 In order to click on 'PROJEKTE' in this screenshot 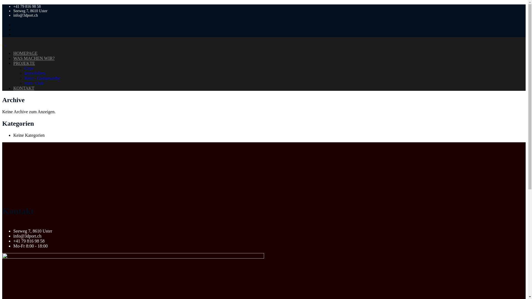, I will do `click(13, 63)`.